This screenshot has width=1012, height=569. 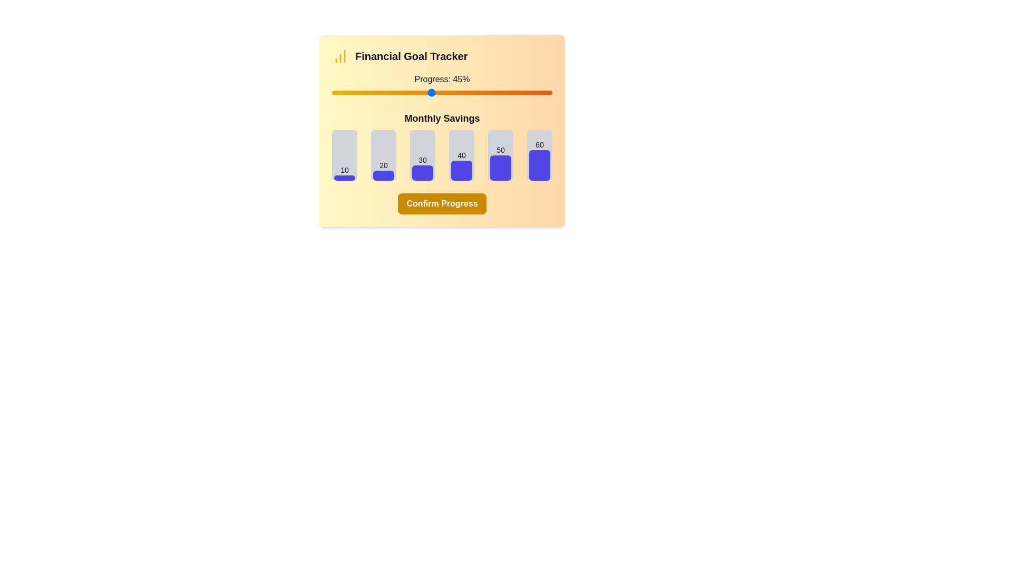 I want to click on the progress slider to 42%, so click(x=424, y=92).